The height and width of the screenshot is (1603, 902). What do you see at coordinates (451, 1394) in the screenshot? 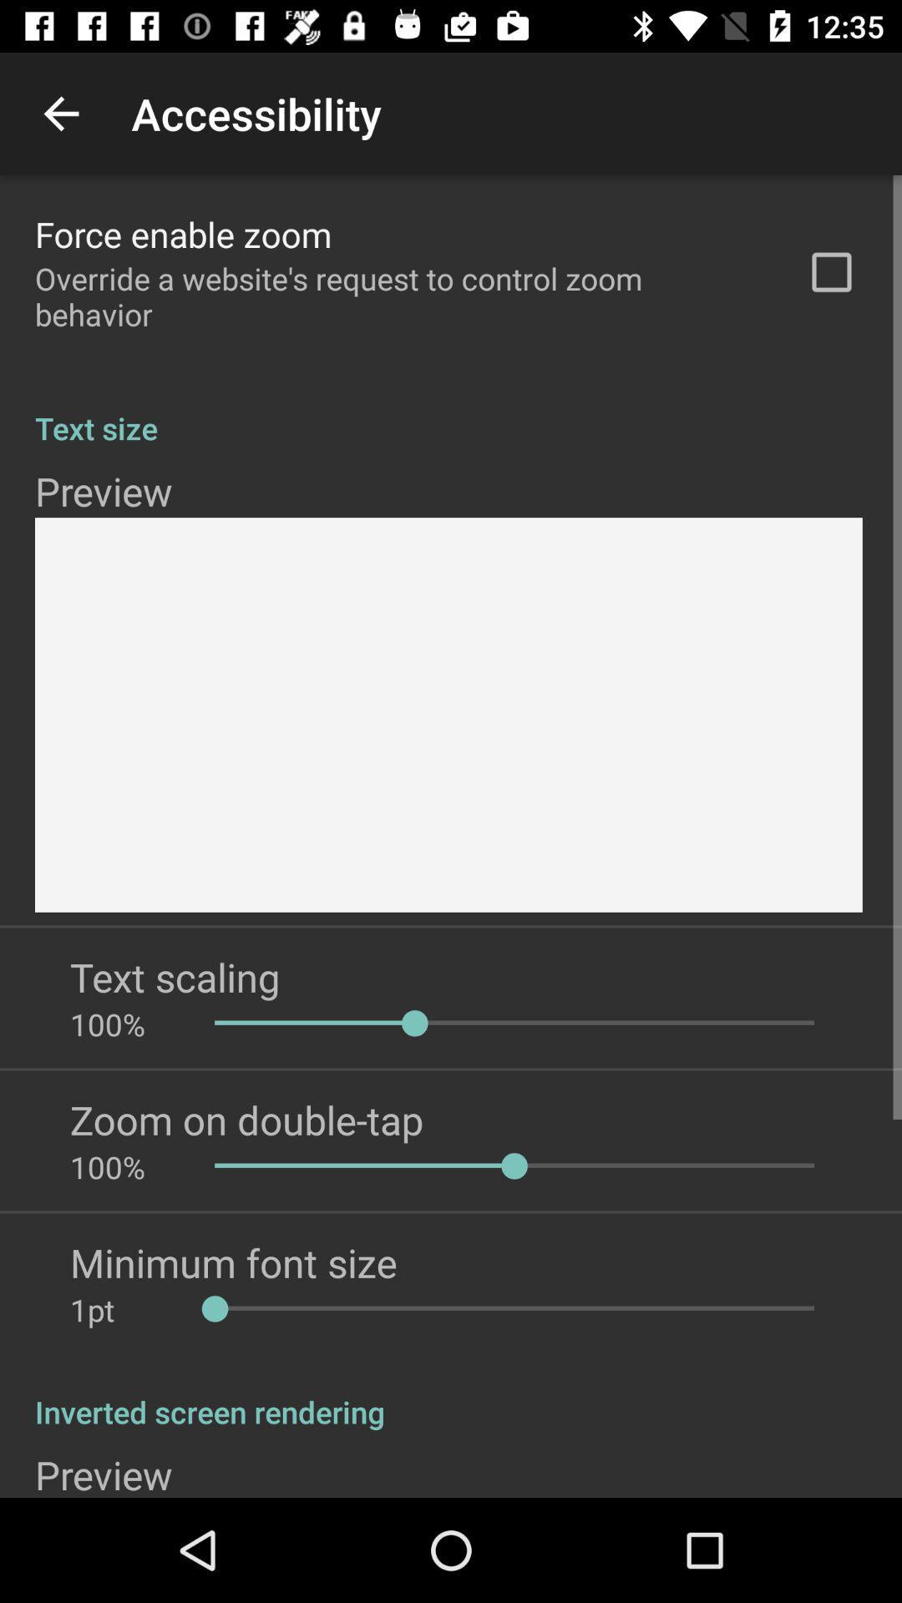
I see `the item below 1pt app` at bounding box center [451, 1394].